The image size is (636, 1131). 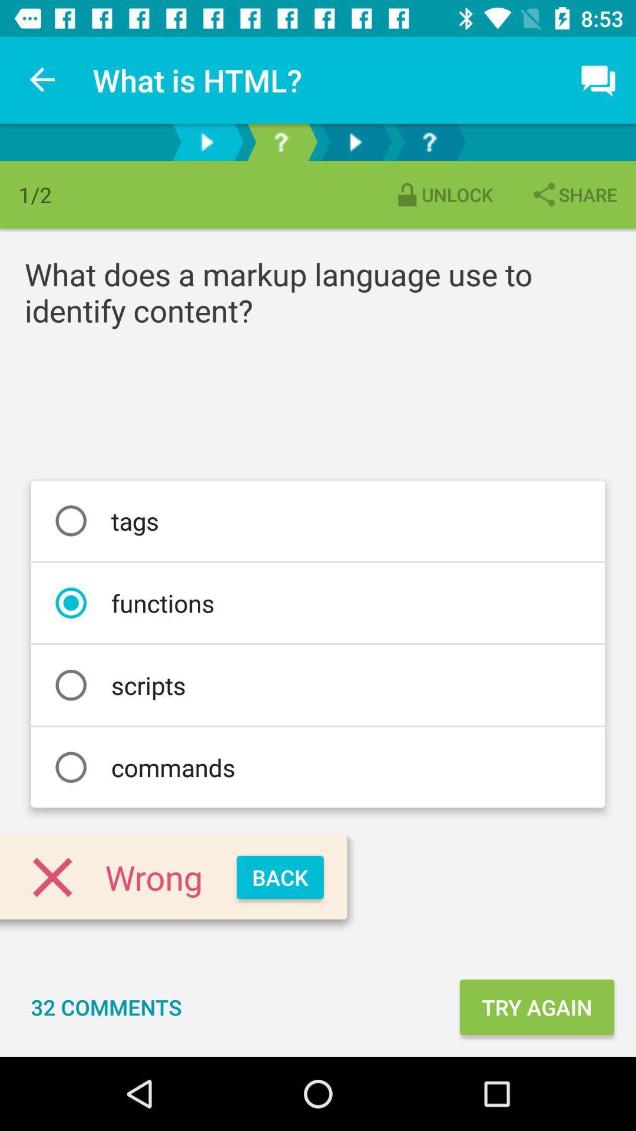 What do you see at coordinates (573, 194) in the screenshot?
I see `the item to the right of unlock item` at bounding box center [573, 194].